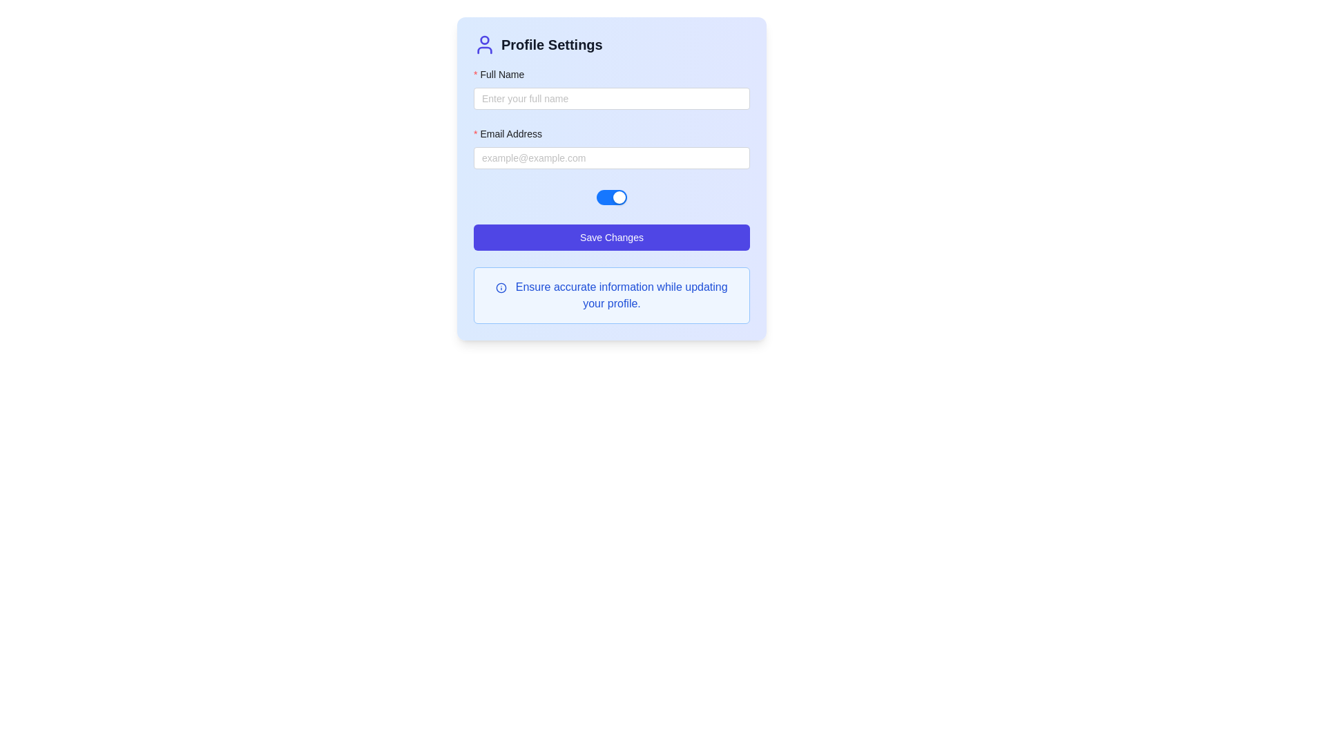  Describe the element at coordinates (606, 197) in the screenshot. I see `the blue-colored circular toggle switch indicator located within the 'Profile Settings' form, positioned below the email address field and above the 'Save Changes' button` at that location.